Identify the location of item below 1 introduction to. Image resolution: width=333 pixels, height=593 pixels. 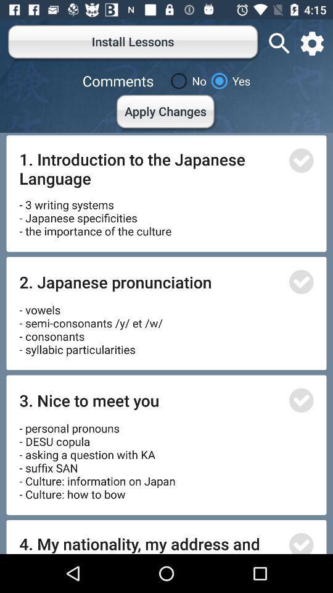
(94, 214).